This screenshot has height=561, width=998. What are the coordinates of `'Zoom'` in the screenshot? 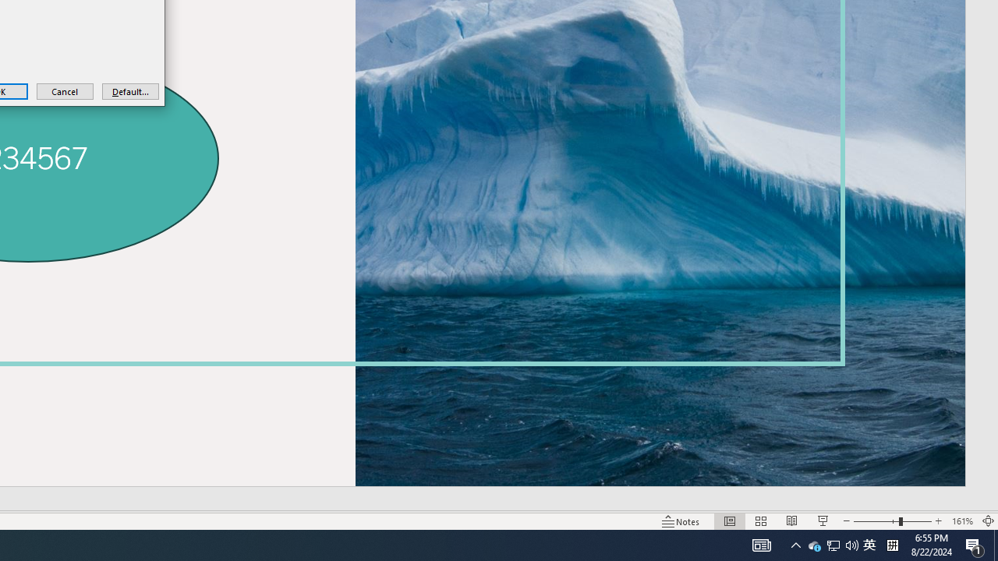 It's located at (892, 521).